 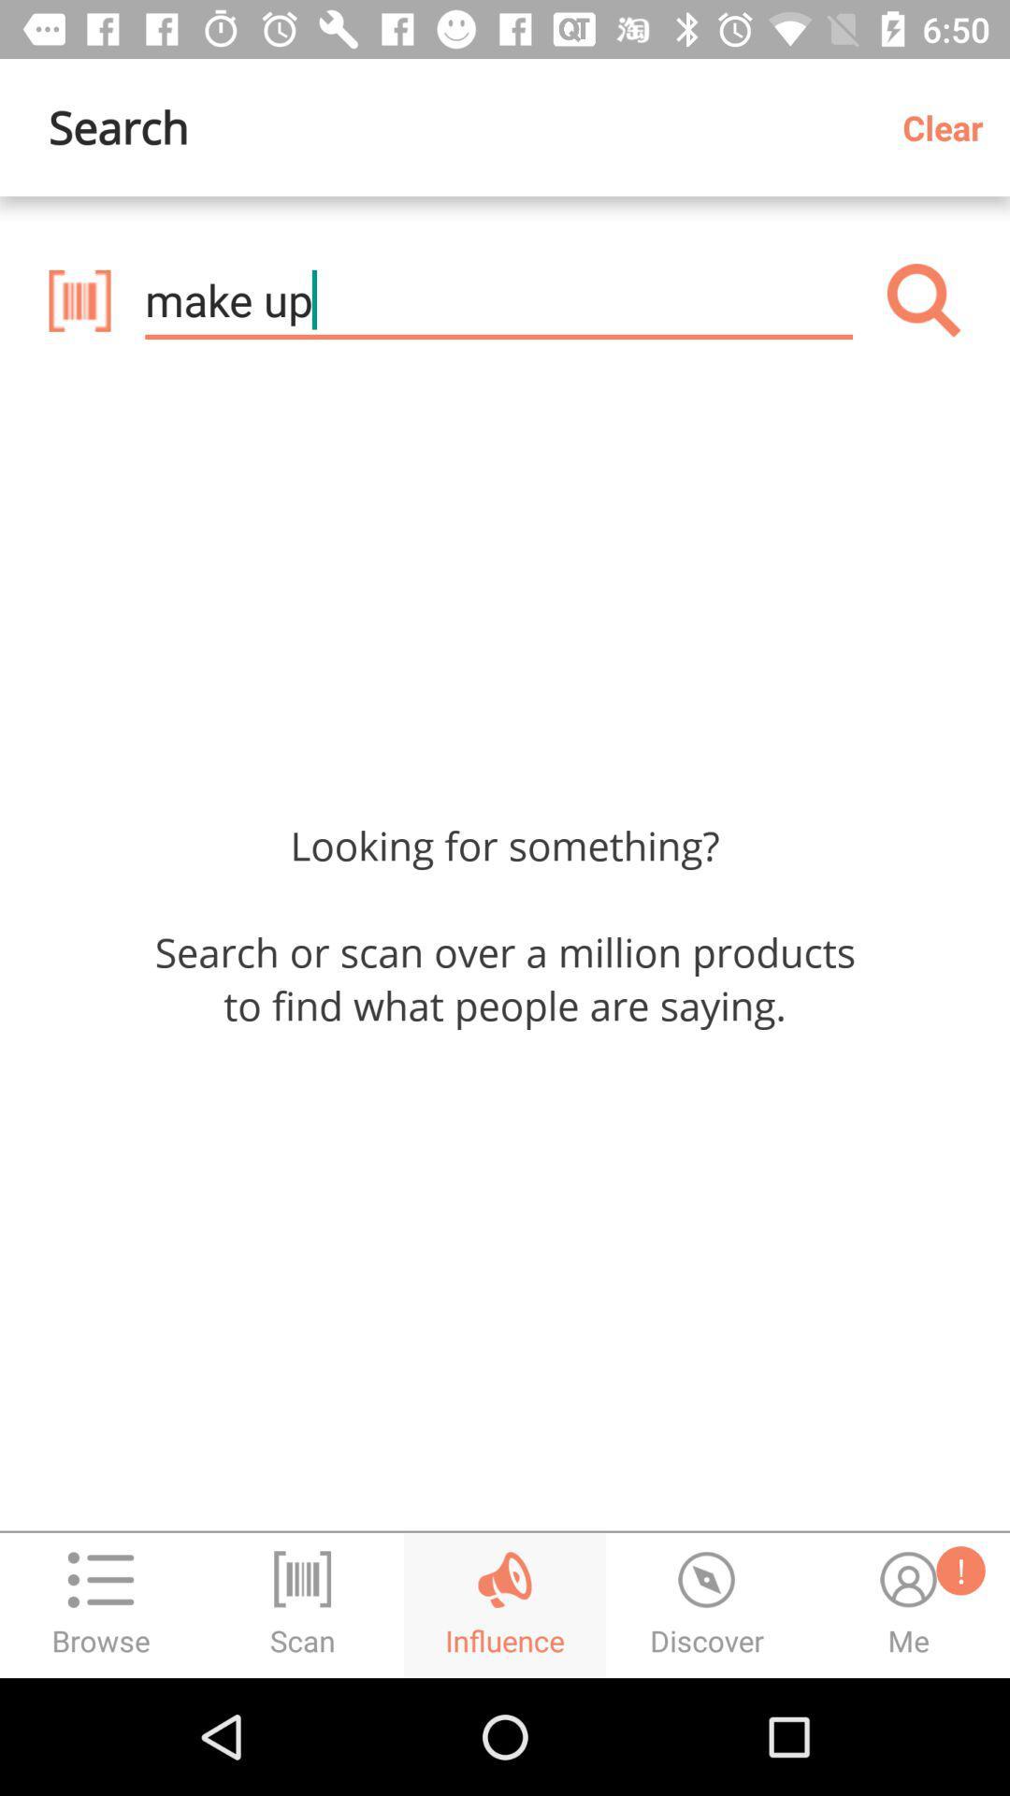 I want to click on barcode scan, so click(x=79, y=300).